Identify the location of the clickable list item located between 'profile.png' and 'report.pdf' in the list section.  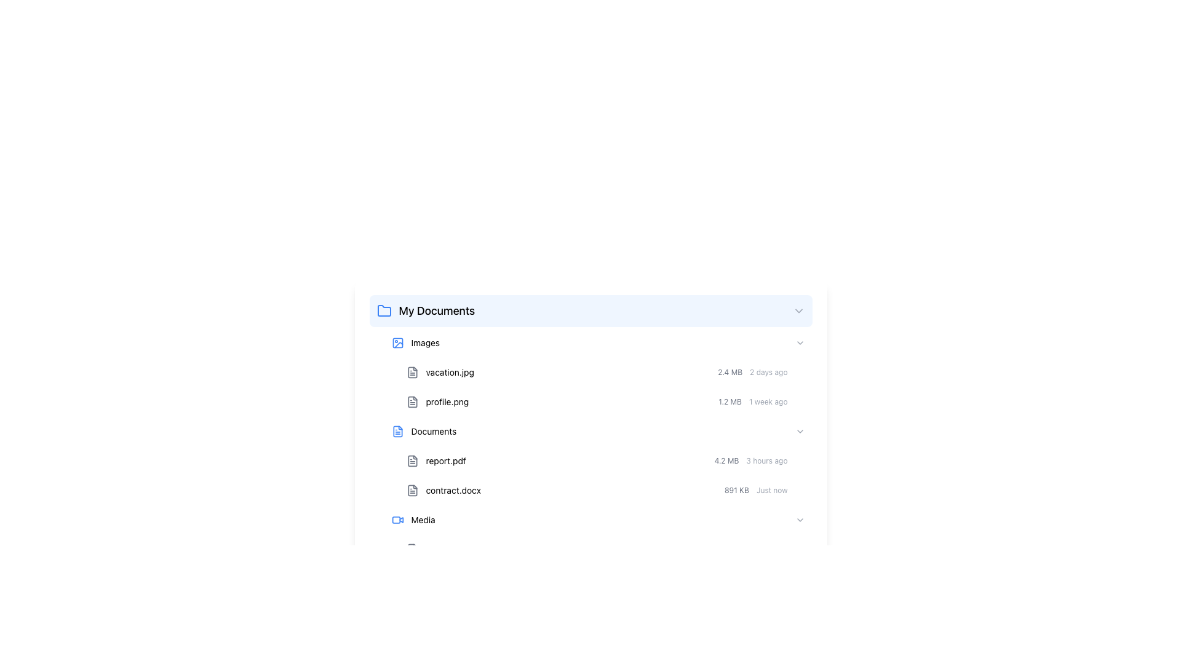
(598, 431).